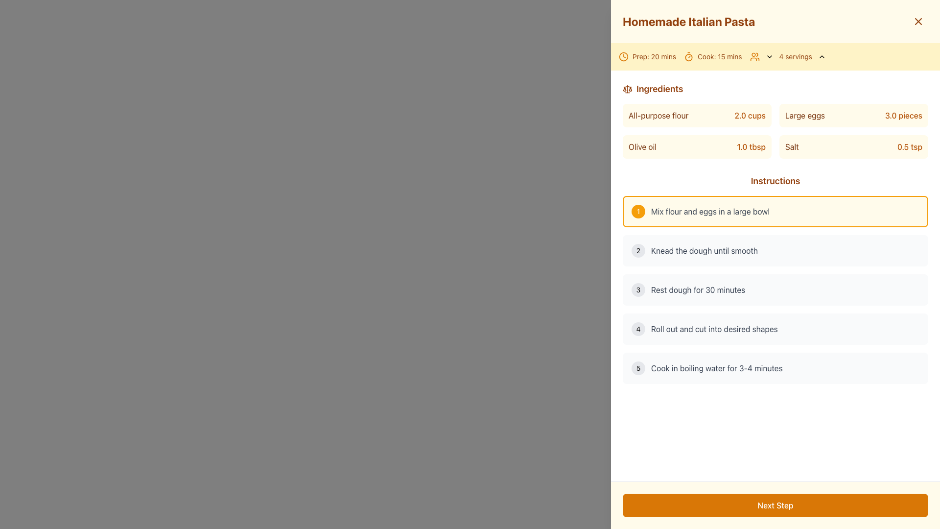  What do you see at coordinates (638, 329) in the screenshot?
I see `the circular Step indicator badge with a light gray background and a centered numeral '4', located to the left of the instruction text 'Roll out and cut into desired shapes'` at bounding box center [638, 329].